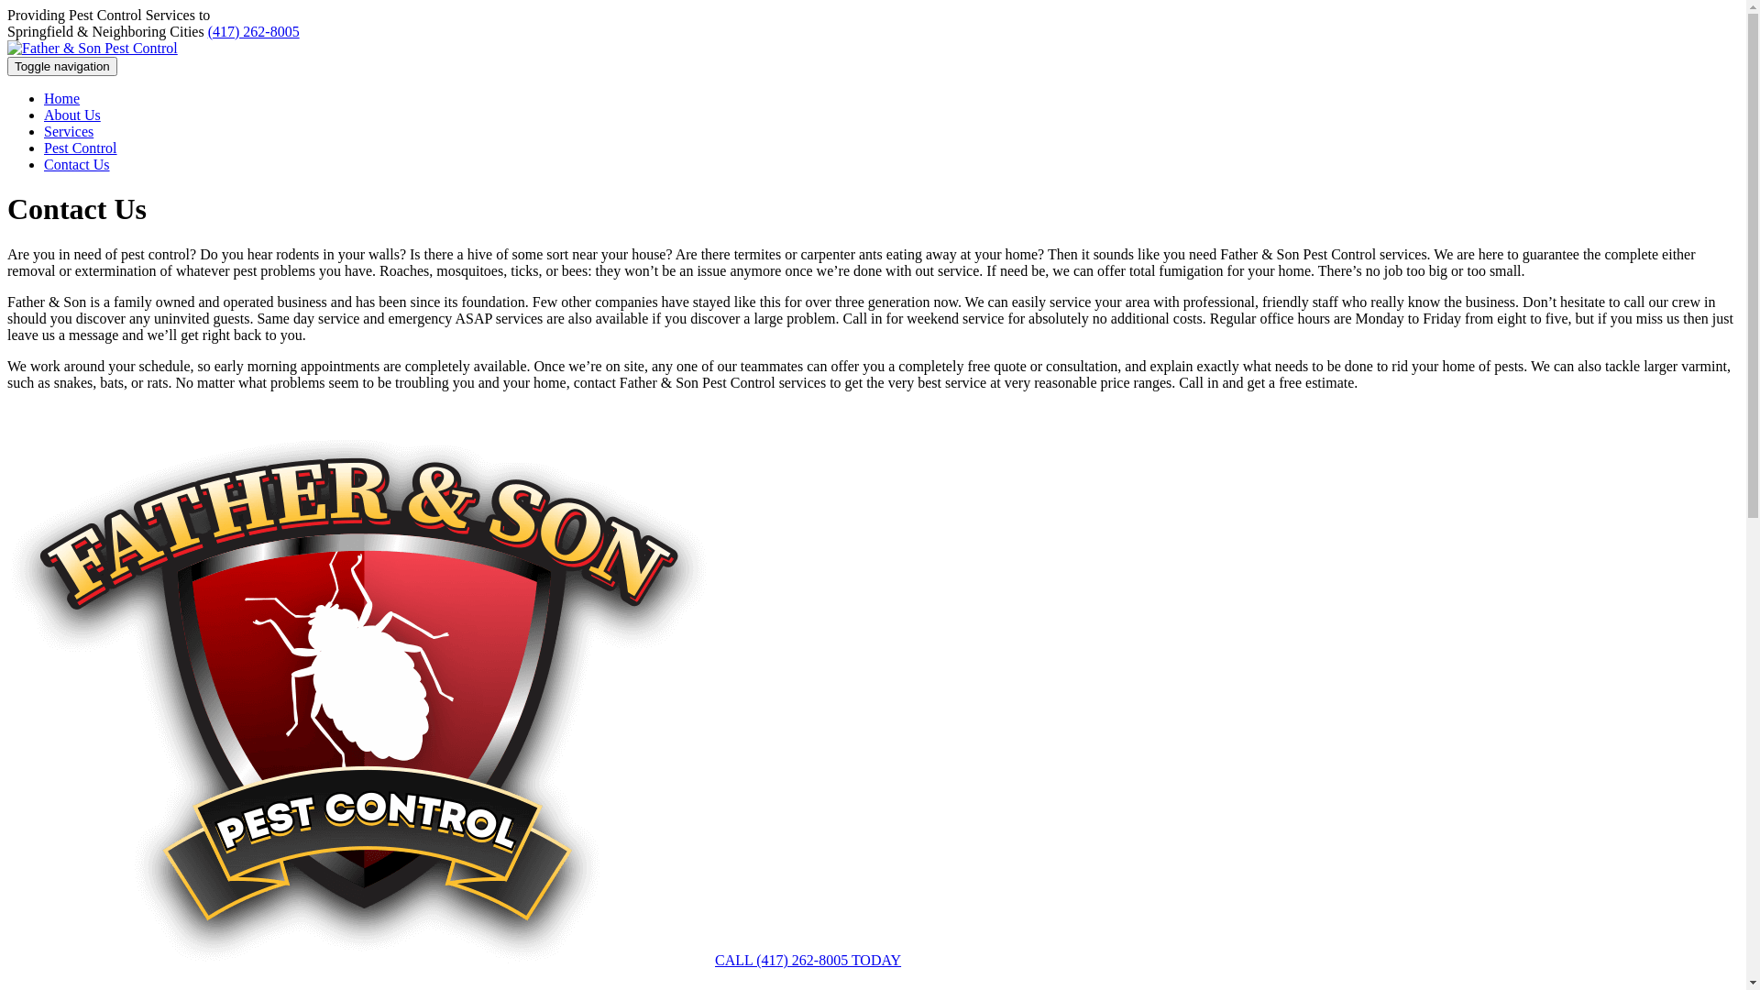 The width and height of the screenshot is (1760, 990). I want to click on 'About Us', so click(71, 115).